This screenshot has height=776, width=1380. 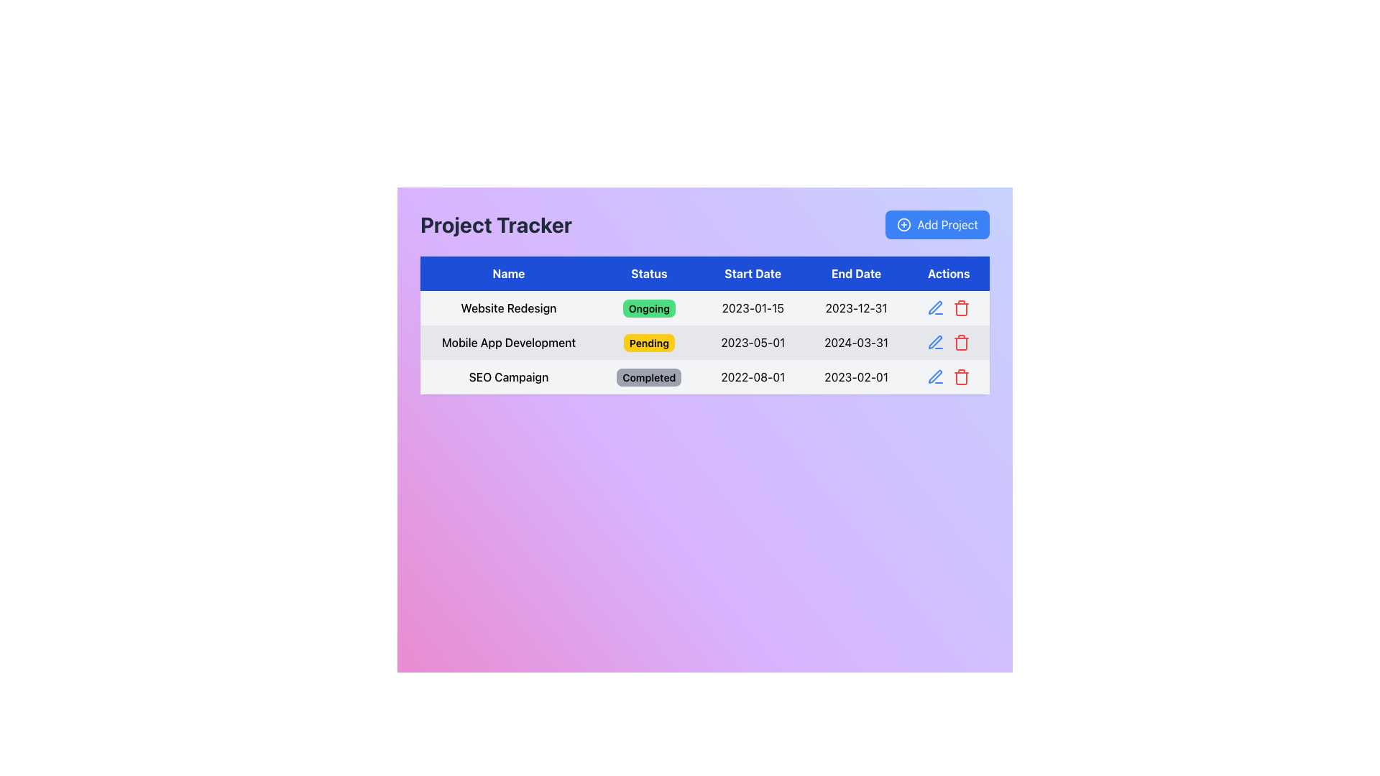 What do you see at coordinates (949, 274) in the screenshot?
I see `the fifth header cell in the table header, located at the far-right position, which indicates action-related functionalities` at bounding box center [949, 274].